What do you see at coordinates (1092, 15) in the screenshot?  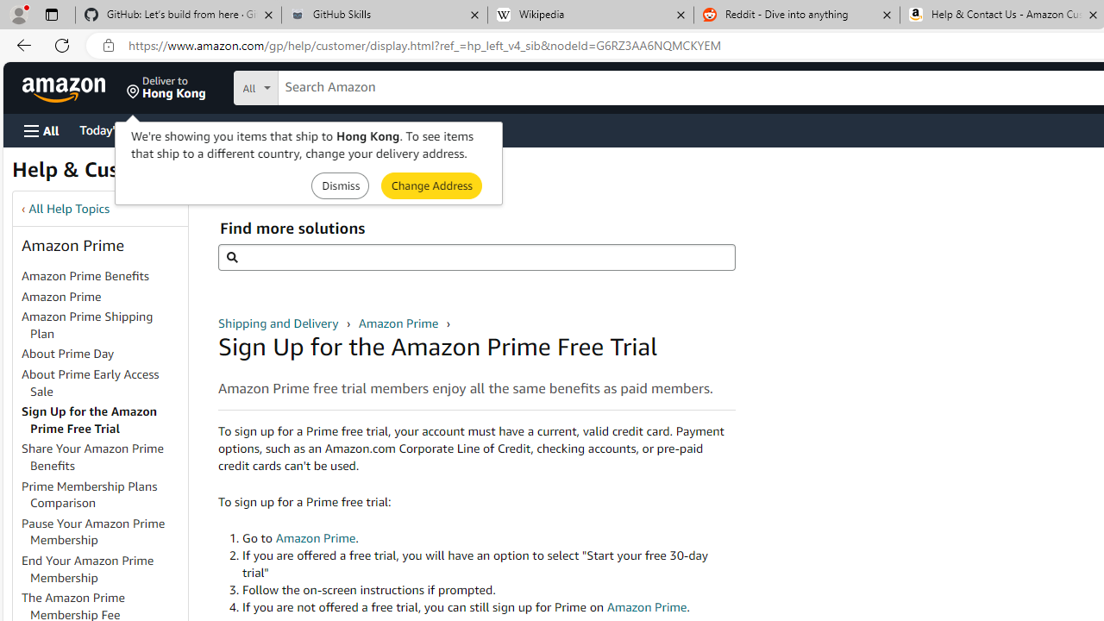 I see `'Close tab'` at bounding box center [1092, 15].